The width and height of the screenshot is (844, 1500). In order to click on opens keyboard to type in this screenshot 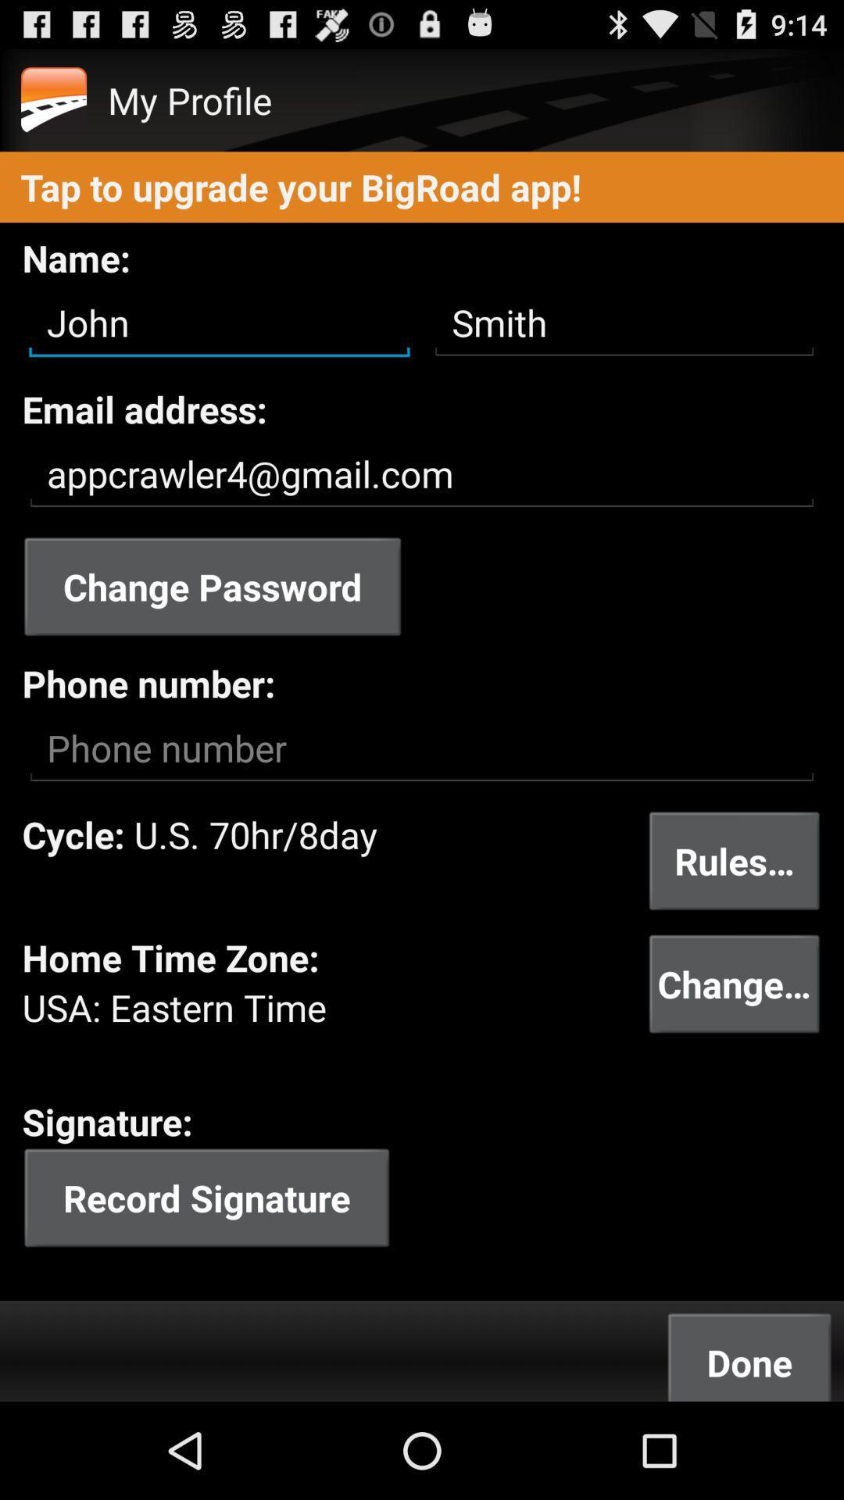, I will do `click(422, 748)`.